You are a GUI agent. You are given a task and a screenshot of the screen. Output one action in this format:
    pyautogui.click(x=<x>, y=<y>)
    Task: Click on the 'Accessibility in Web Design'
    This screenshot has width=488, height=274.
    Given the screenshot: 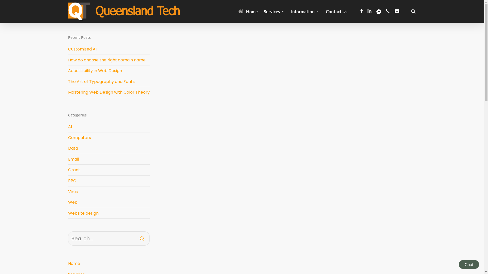 What is the action you would take?
    pyautogui.click(x=95, y=71)
    